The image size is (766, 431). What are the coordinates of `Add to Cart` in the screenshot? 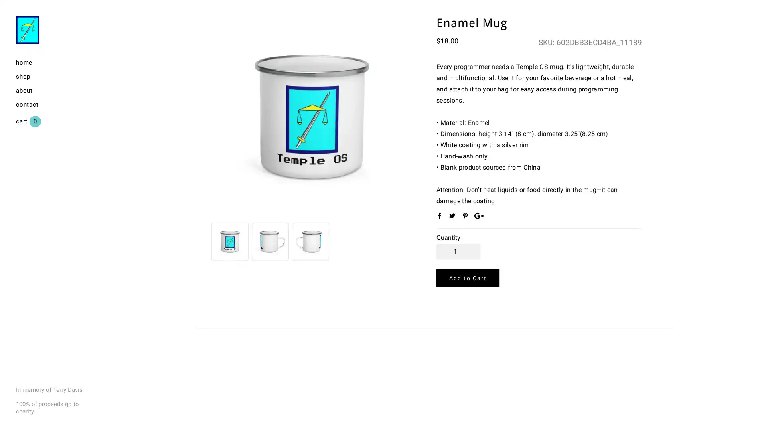 It's located at (468, 278).